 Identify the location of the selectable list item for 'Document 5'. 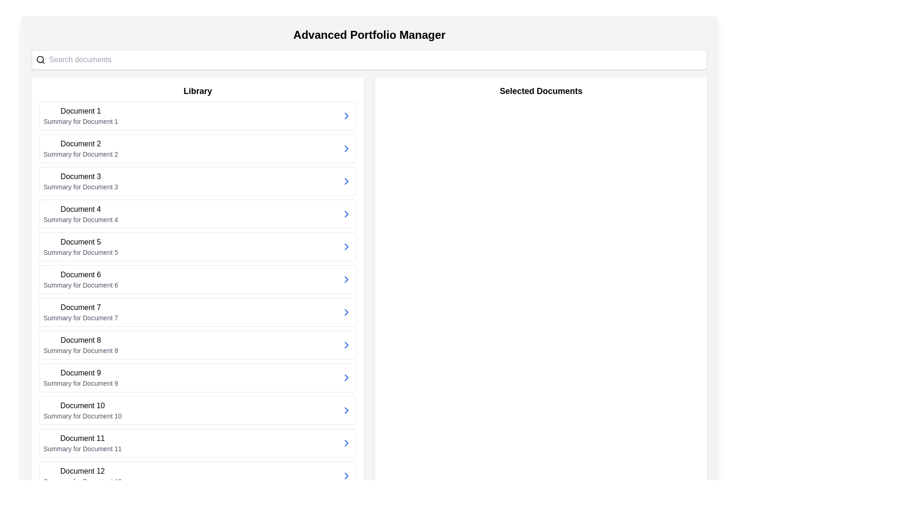
(197, 246).